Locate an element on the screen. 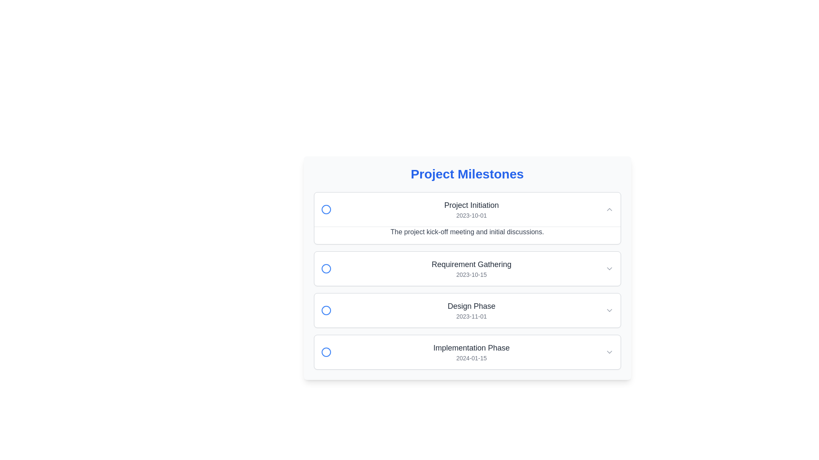 The height and width of the screenshot is (460, 819). the text label displaying the date, which is styled in smaller light gray text directly below the 'Implementation Phase' title in the 'Project Milestones' section is located at coordinates (471, 358).